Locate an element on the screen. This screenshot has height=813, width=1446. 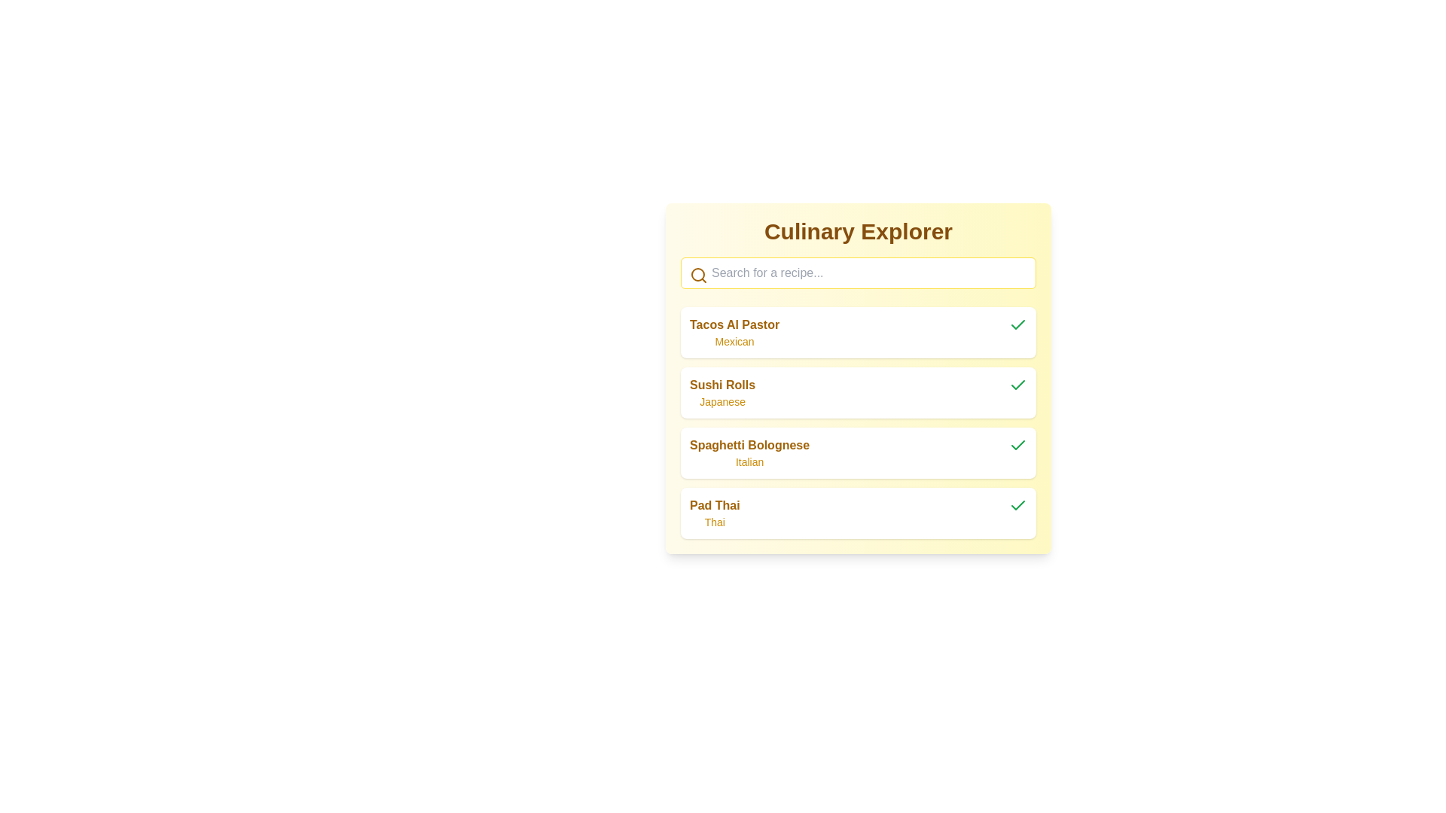
the recipe text 'Spaghetti Bolognese' which is the third item in a vertically arranged list displayed in a white rectangular card with rounded corners is located at coordinates (749, 452).